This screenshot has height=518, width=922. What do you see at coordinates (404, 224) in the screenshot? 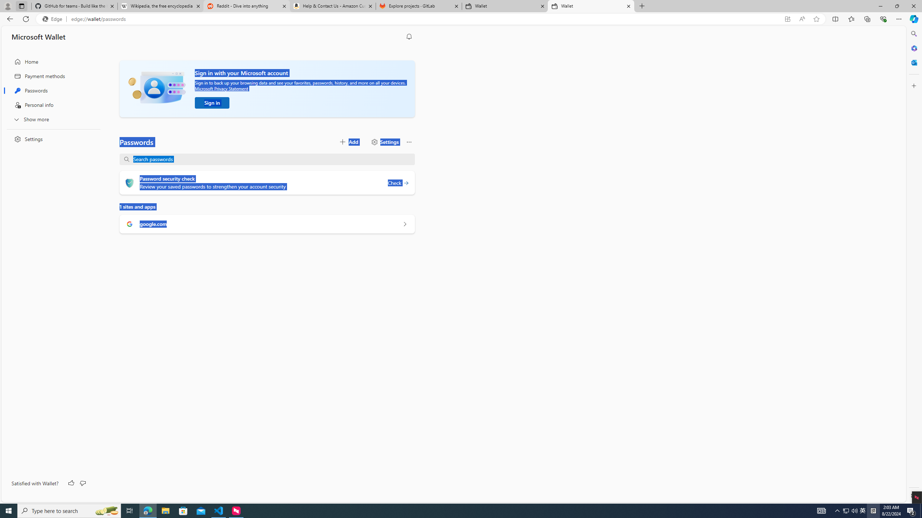
I see `'google.com, see details'` at bounding box center [404, 224].